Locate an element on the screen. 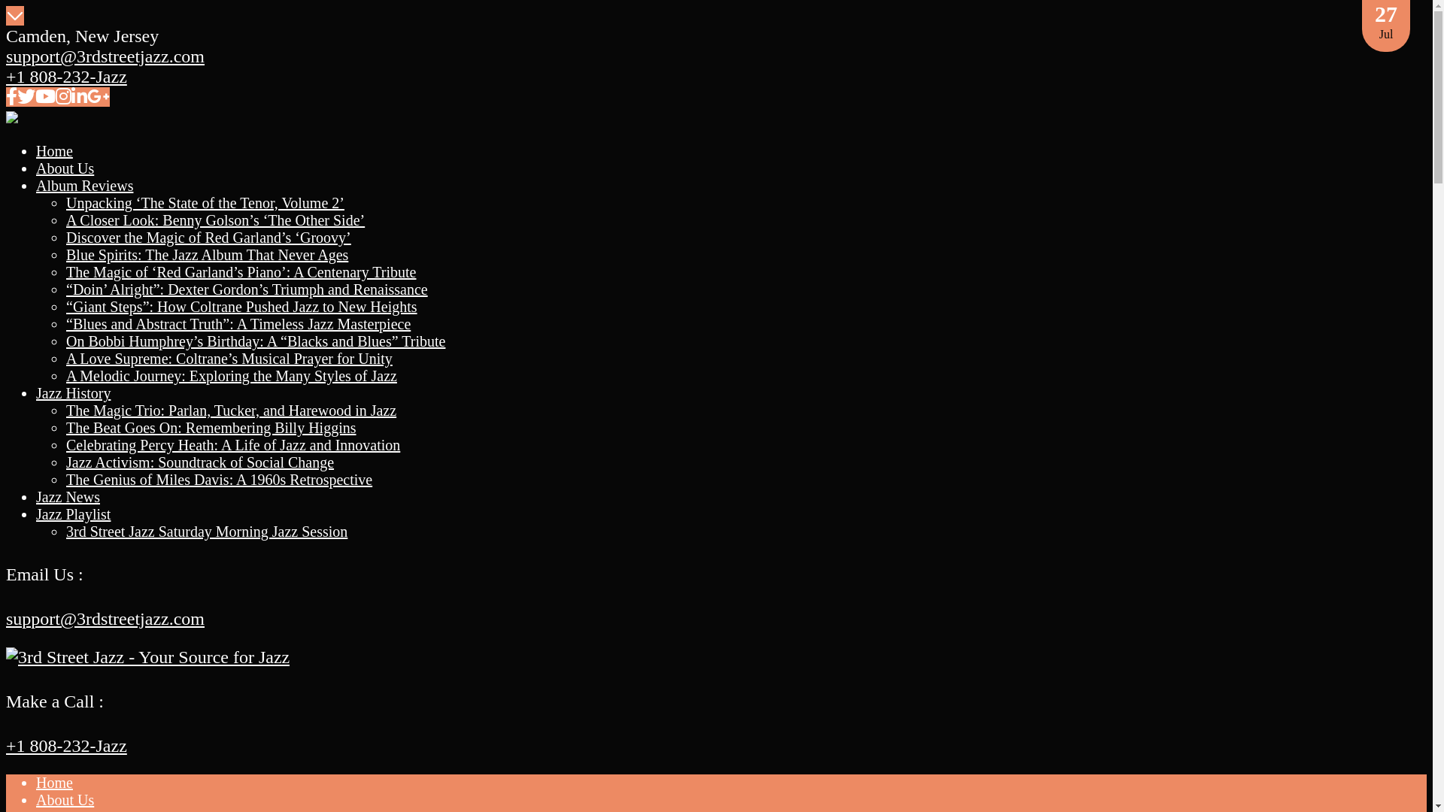 This screenshot has height=812, width=1444. 'Album Reviews' is located at coordinates (36, 184).